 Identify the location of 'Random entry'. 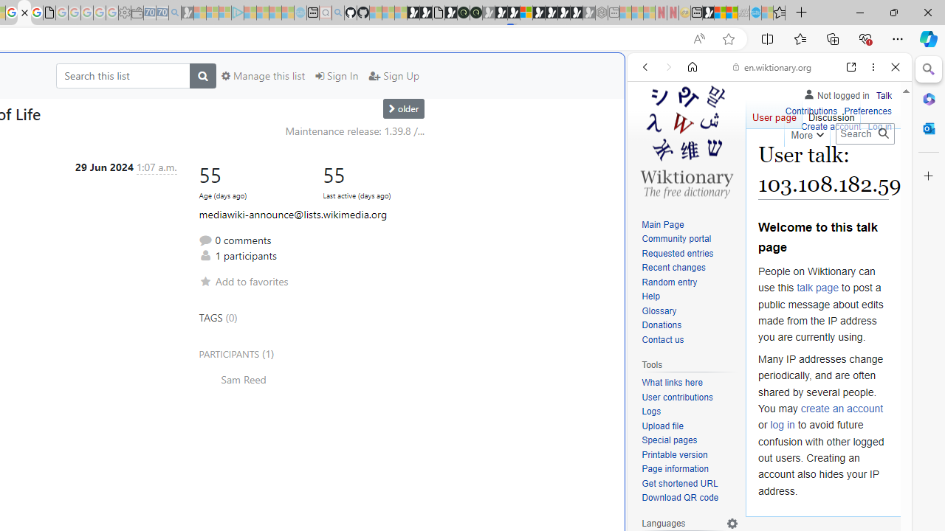
(690, 282).